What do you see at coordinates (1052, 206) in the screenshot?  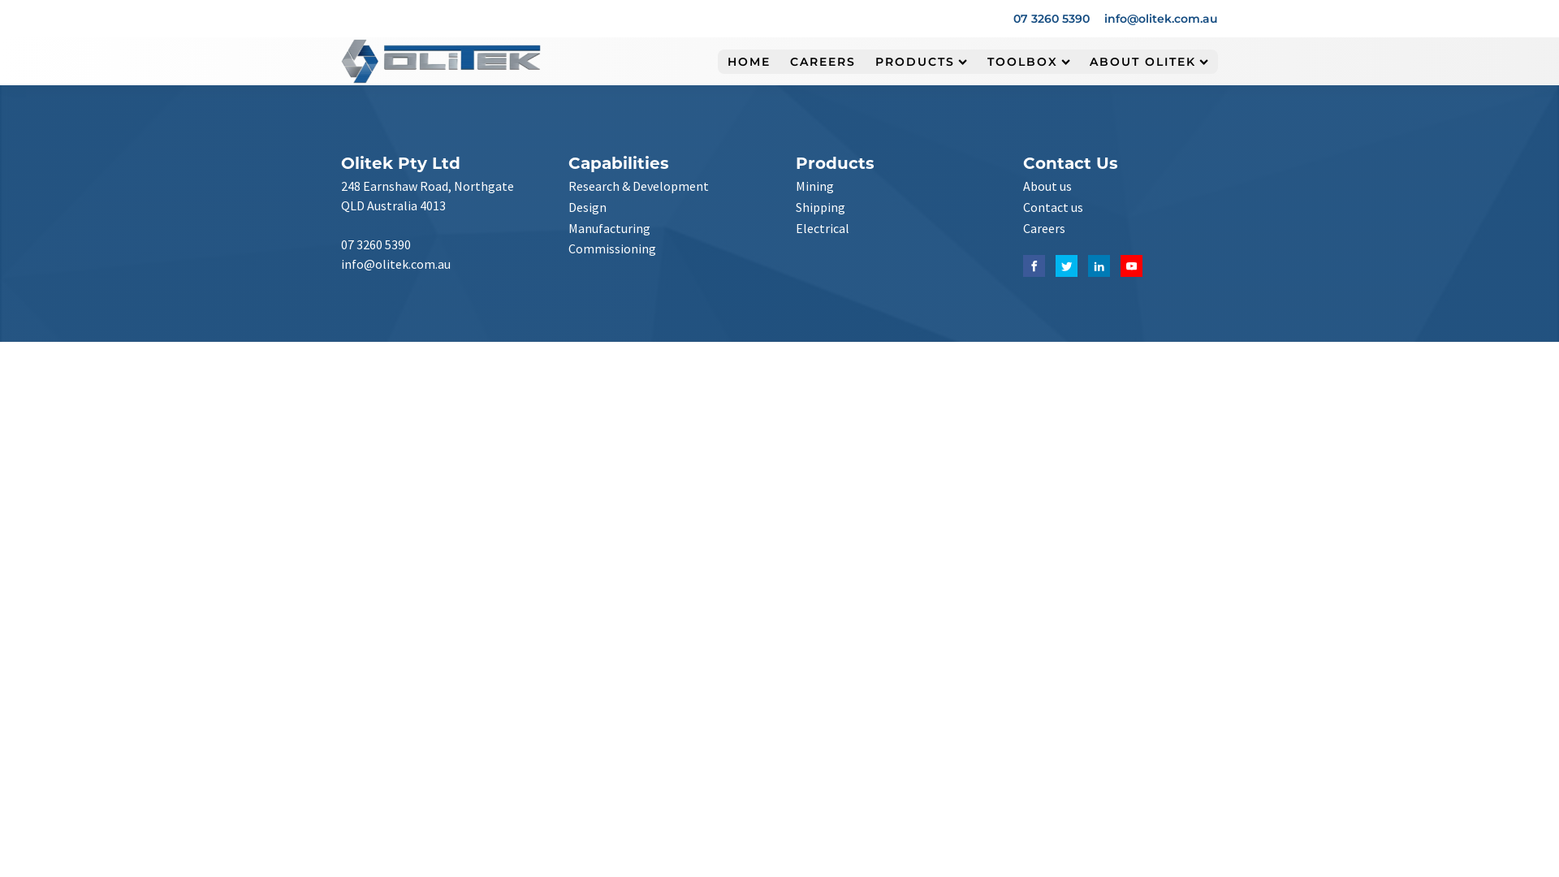 I see `'Contact us'` at bounding box center [1052, 206].